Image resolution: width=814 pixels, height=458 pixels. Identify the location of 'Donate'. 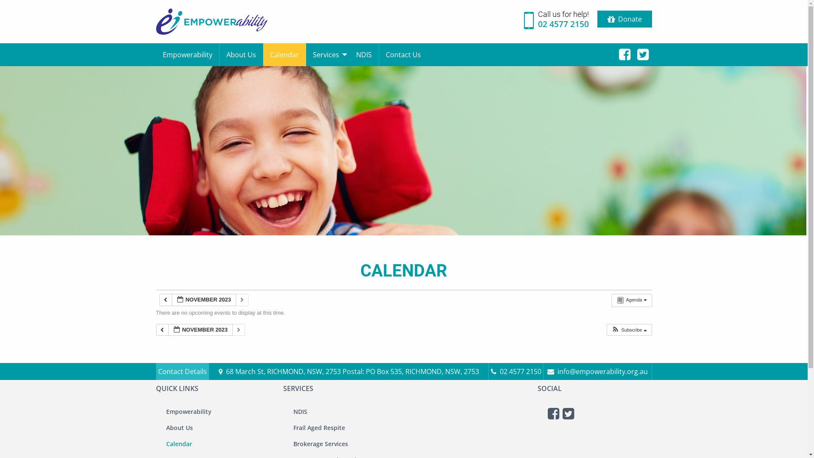
(624, 19).